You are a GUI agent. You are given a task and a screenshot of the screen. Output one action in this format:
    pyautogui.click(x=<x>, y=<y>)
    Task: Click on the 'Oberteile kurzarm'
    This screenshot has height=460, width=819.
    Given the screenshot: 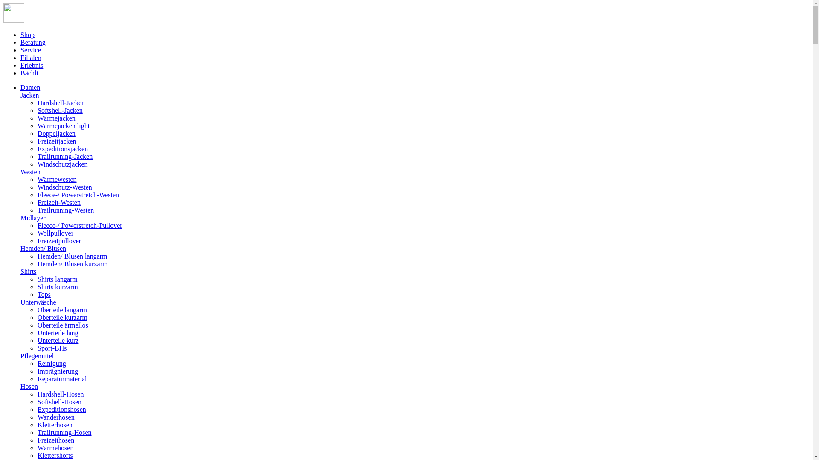 What is the action you would take?
    pyautogui.click(x=62, y=317)
    